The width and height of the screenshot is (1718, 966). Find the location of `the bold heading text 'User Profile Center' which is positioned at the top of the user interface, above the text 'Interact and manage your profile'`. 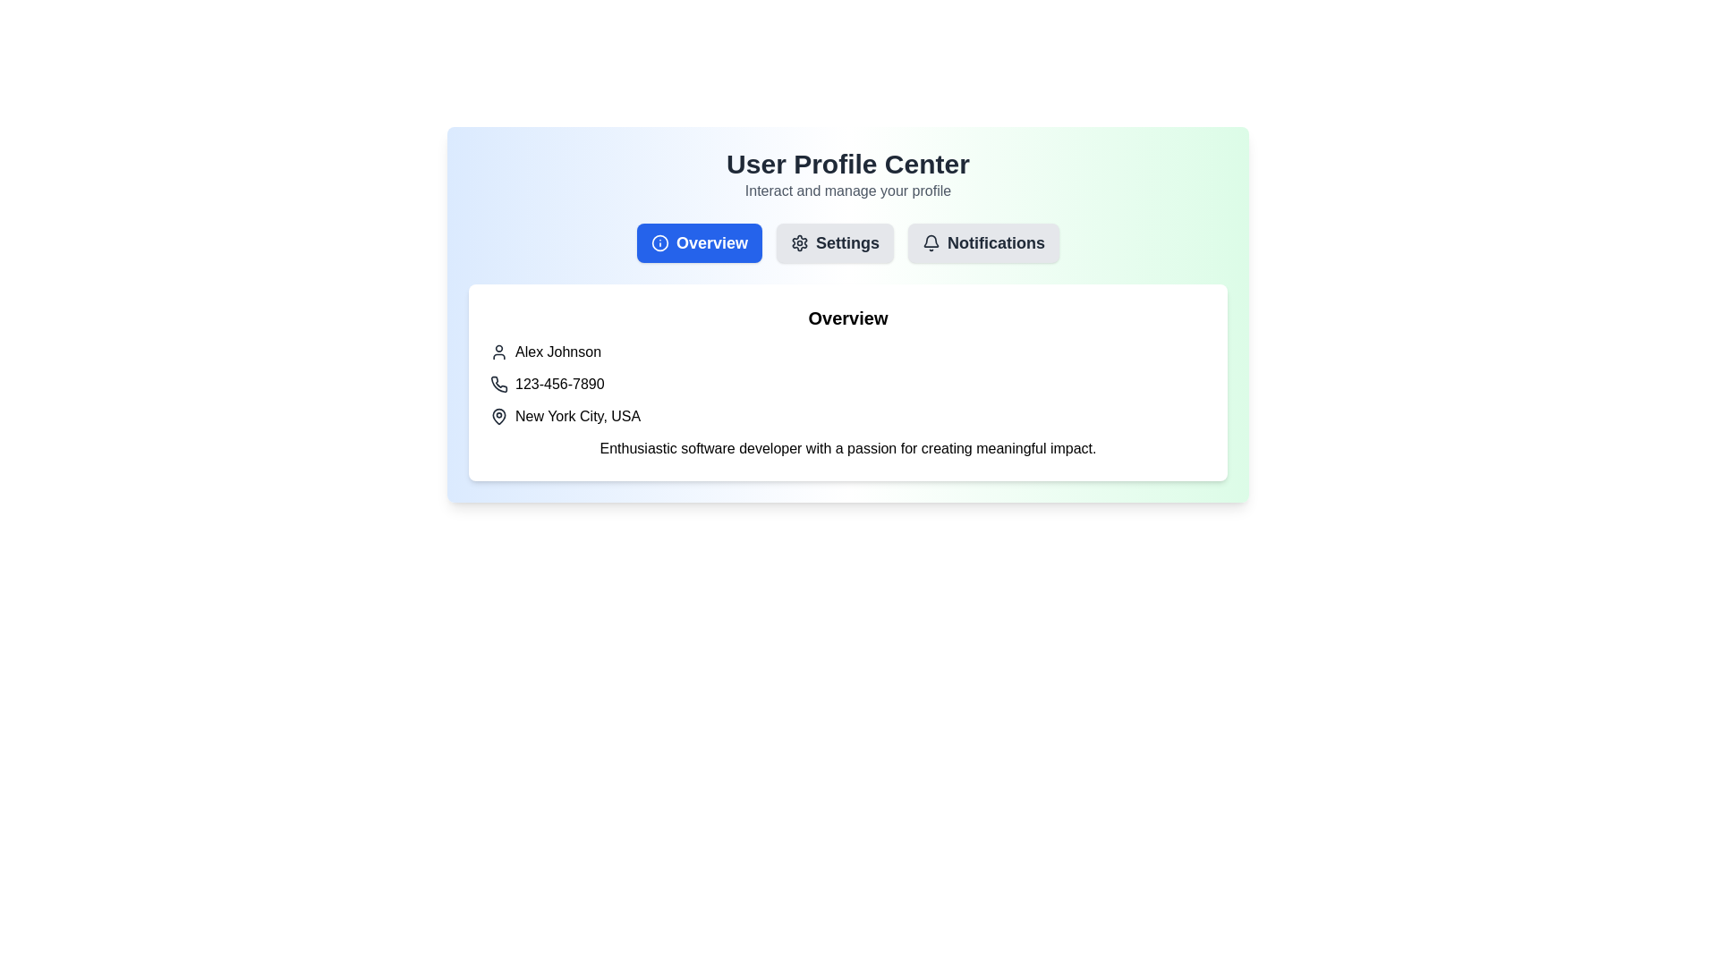

the bold heading text 'User Profile Center' which is positioned at the top of the user interface, above the text 'Interact and manage your profile' is located at coordinates (847, 165).